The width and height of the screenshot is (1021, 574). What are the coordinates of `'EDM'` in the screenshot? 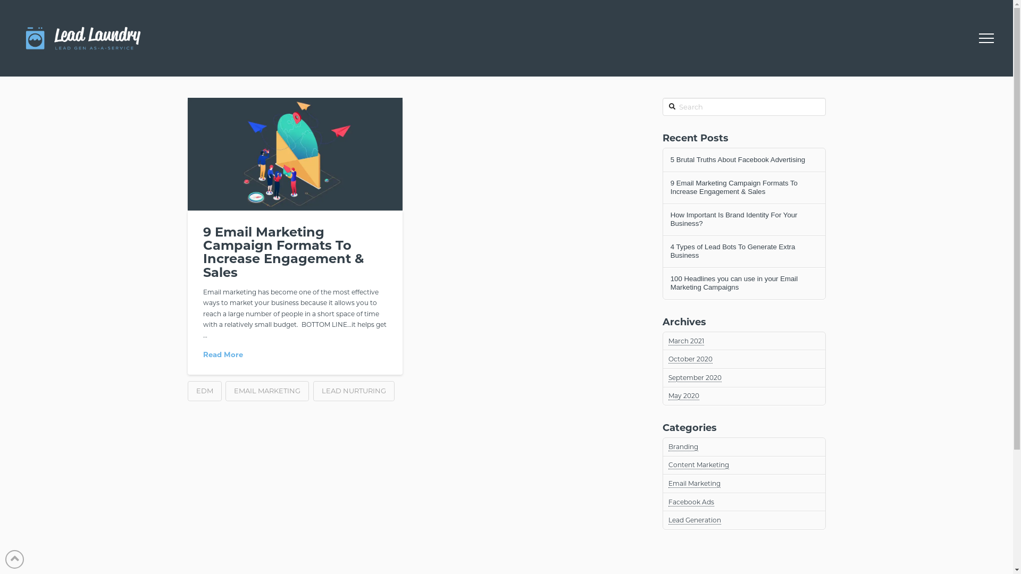 It's located at (204, 391).